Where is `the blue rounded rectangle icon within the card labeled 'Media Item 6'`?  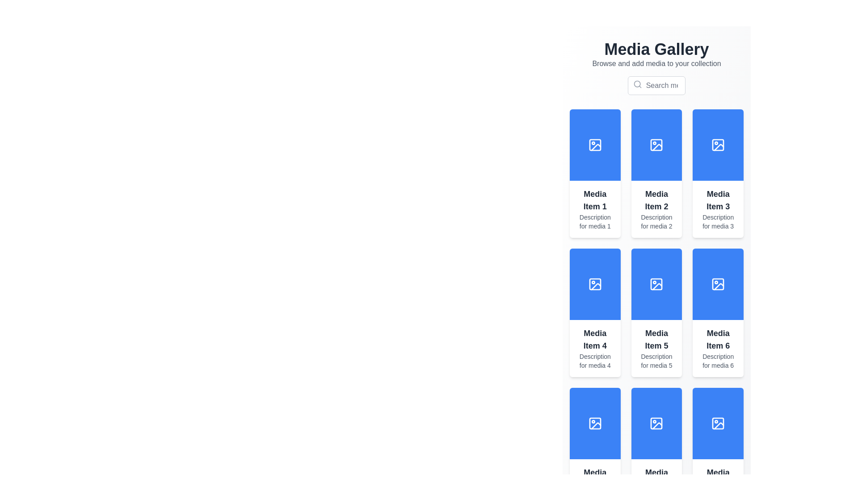 the blue rounded rectangle icon within the card labeled 'Media Item 6' is located at coordinates (718, 284).